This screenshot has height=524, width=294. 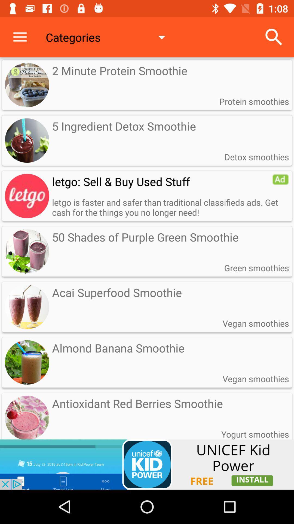 I want to click on the image on left to the text acai superfood smoothie on the web page, so click(x=27, y=307).